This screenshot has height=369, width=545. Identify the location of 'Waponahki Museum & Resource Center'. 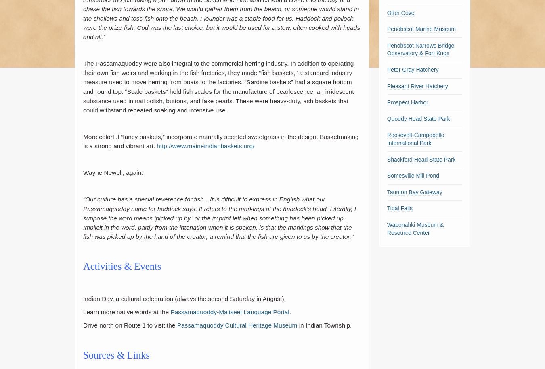
(415, 228).